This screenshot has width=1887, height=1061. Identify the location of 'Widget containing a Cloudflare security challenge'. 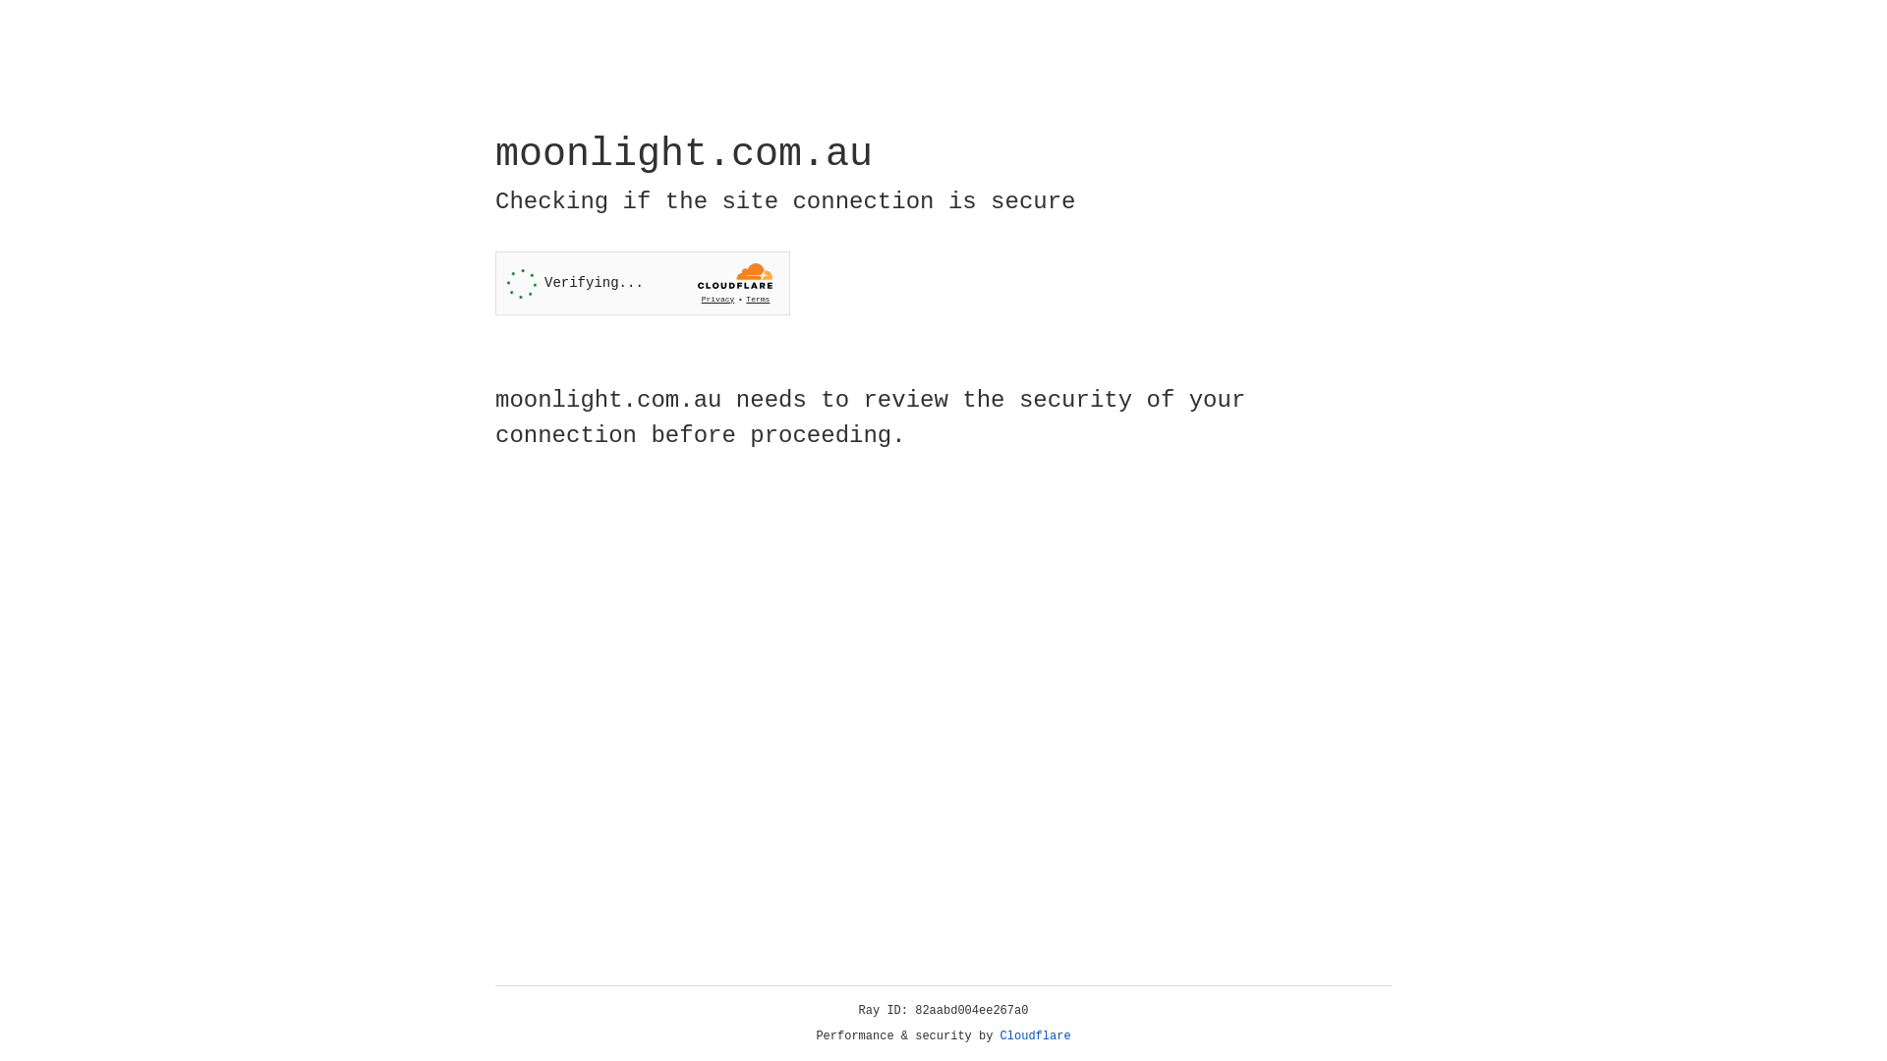
(642, 283).